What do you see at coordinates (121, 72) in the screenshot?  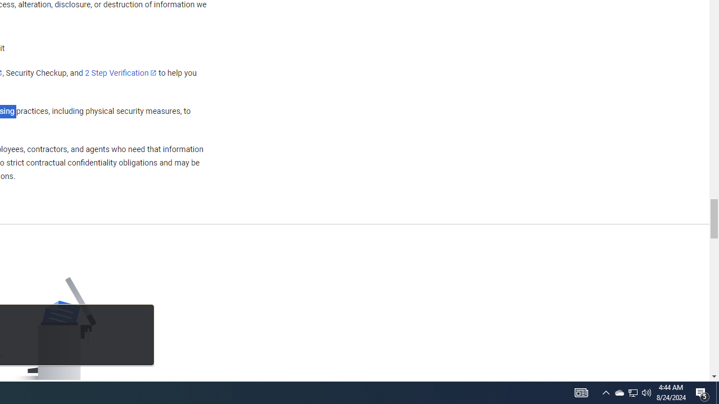 I see `'2 Step Verification'` at bounding box center [121, 72].